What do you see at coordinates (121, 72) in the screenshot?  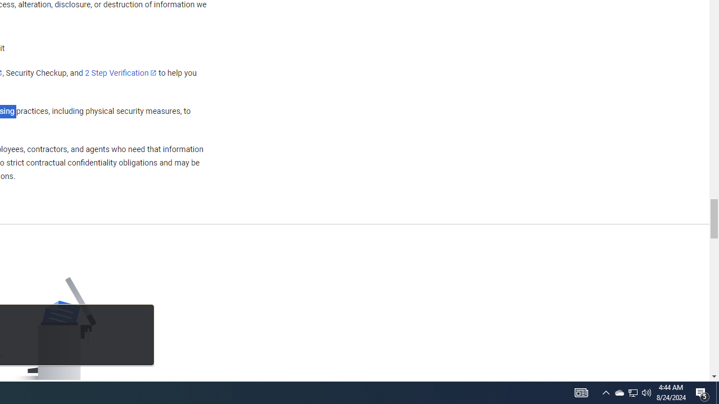 I see `'2 Step Verification'` at bounding box center [121, 72].